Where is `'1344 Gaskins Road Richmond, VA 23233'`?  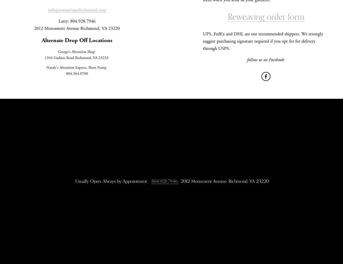
'1344 Gaskins Road Richmond, VA 23233' is located at coordinates (77, 58).